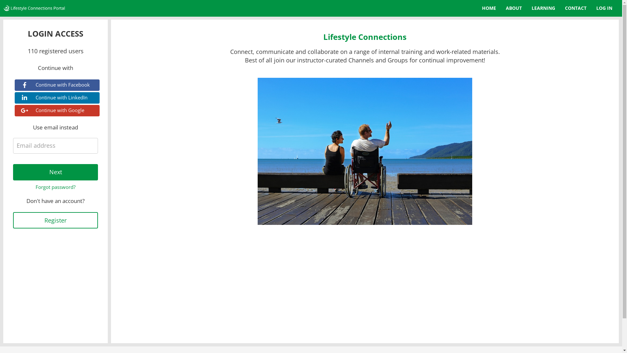 The width and height of the screenshot is (627, 353). I want to click on 'LEARNING', so click(543, 8).